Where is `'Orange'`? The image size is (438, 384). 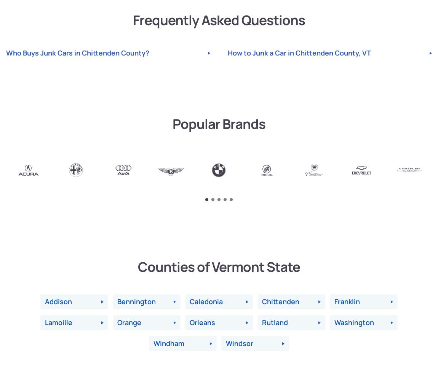 'Orange' is located at coordinates (129, 322).